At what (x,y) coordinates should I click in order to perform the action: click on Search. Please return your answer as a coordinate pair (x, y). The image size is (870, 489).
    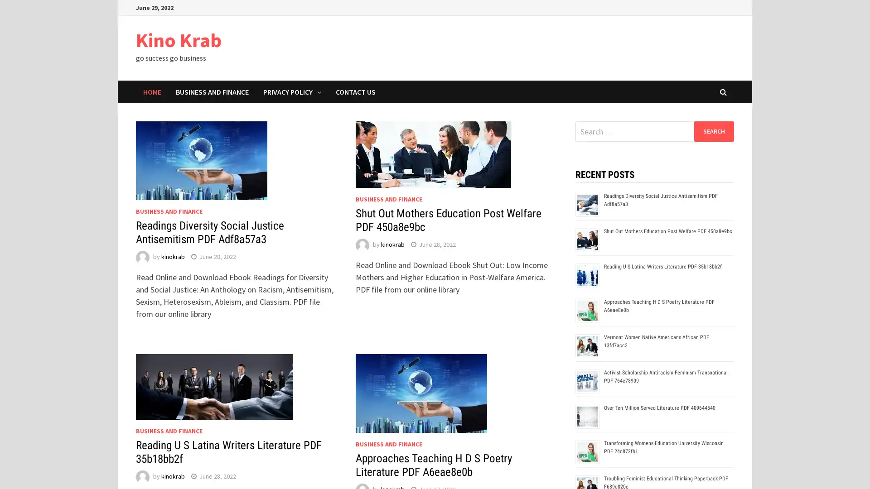
    Looking at the image, I should click on (713, 131).